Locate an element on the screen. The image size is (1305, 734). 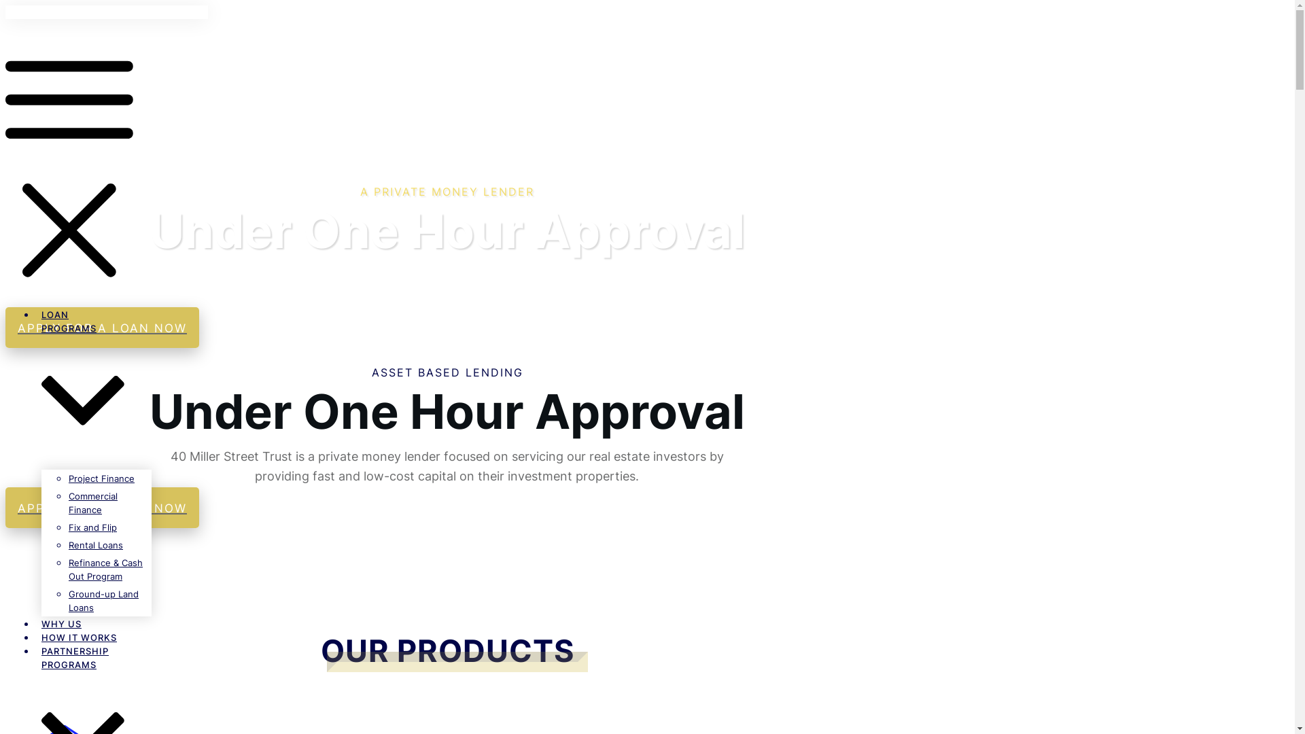
'LOAN PROGRAMS' is located at coordinates (41, 389).